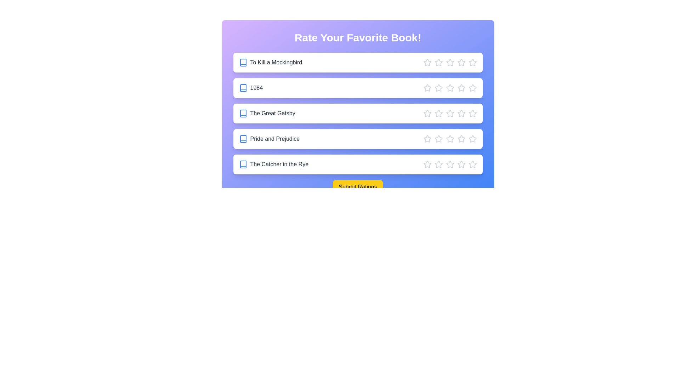  Describe the element at coordinates (438, 88) in the screenshot. I see `the star corresponding to 2 stars for the book 1984` at that location.